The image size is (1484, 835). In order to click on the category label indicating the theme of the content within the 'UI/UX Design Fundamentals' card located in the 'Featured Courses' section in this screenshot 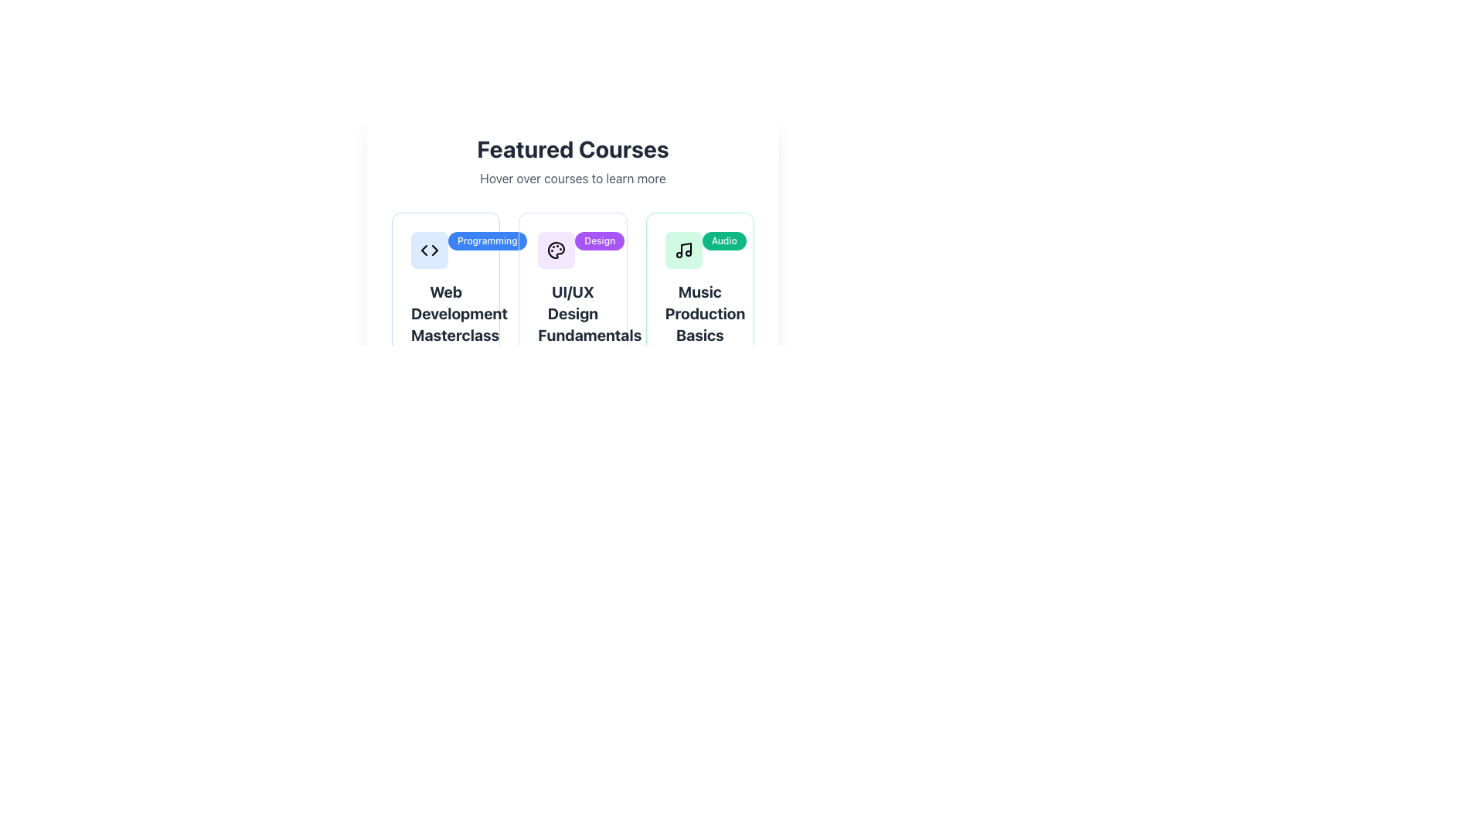, I will do `click(599, 241)`.